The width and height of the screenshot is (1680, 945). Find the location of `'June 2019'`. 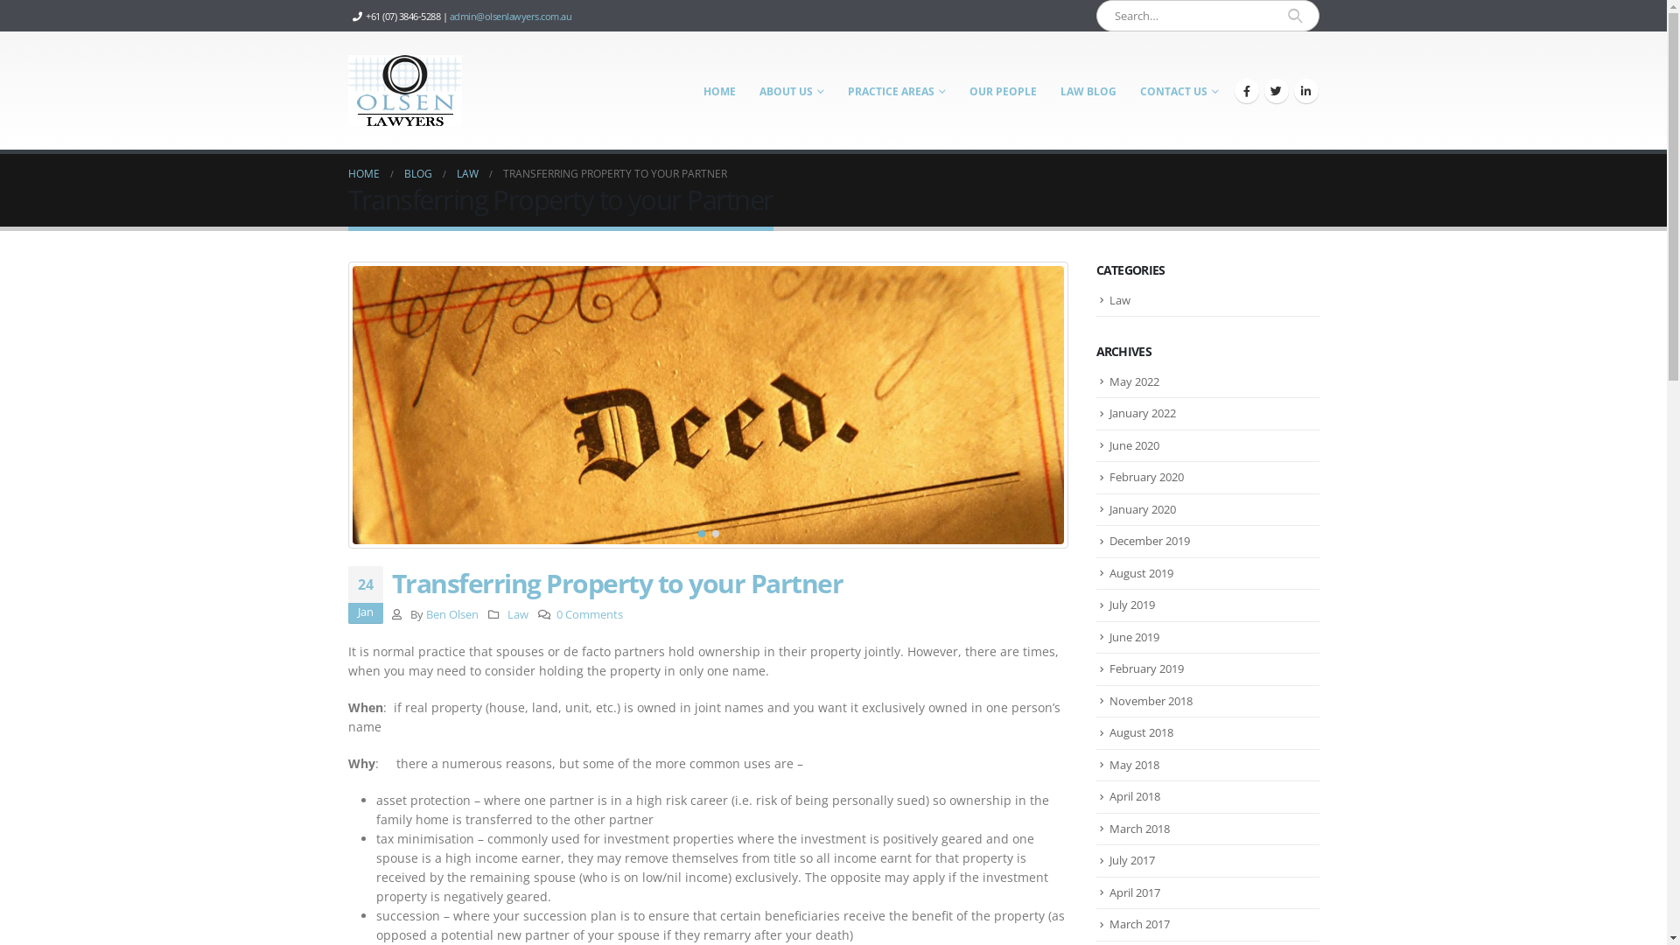

'June 2019' is located at coordinates (1108, 637).